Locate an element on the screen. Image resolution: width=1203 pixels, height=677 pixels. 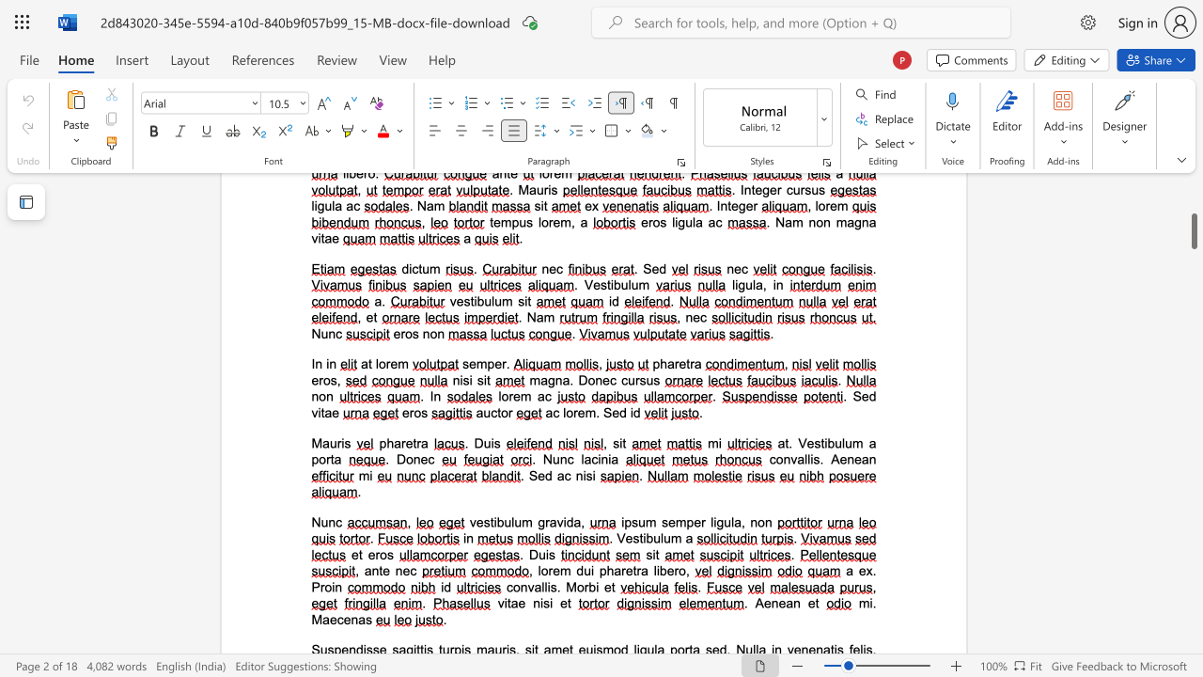
the 1th character "c" in the text is located at coordinates (567, 475).